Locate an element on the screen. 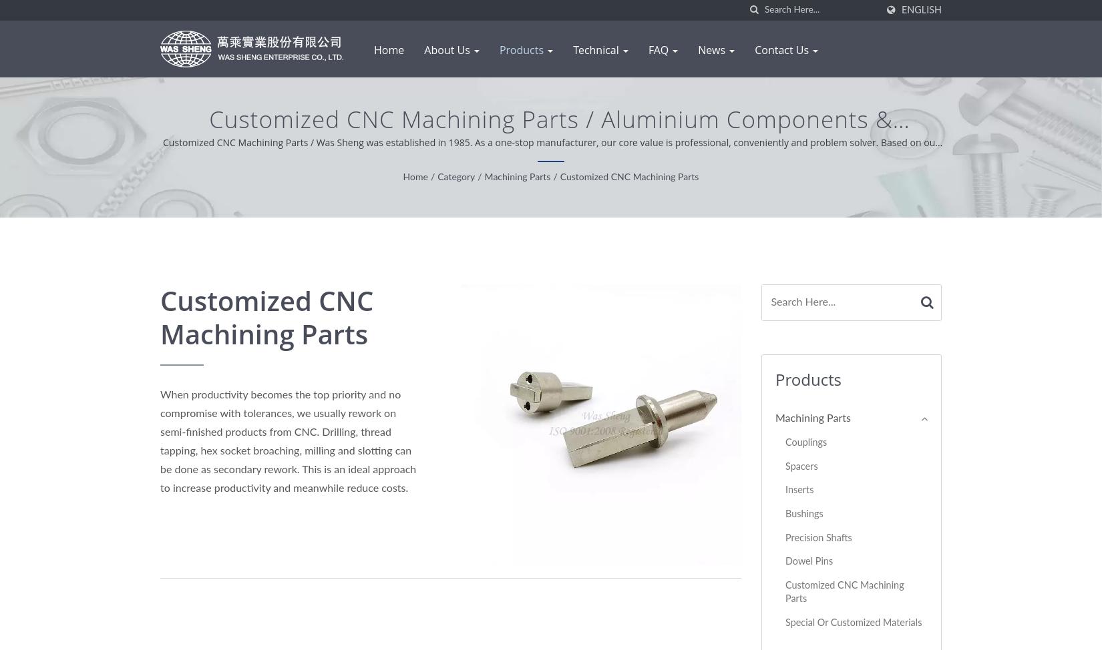 The height and width of the screenshot is (650, 1102). 'Technical' is located at coordinates (596, 49).